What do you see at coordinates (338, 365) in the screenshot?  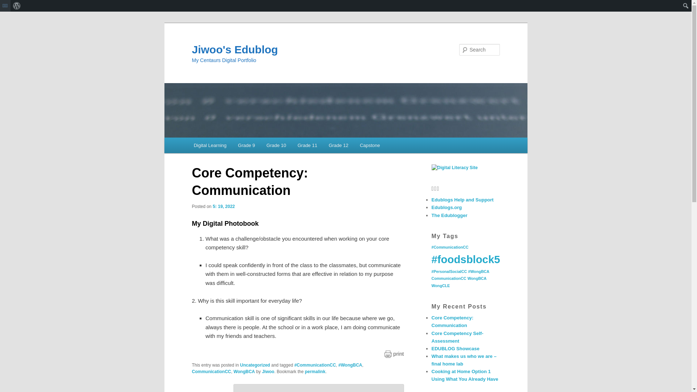 I see `'#WongBCA'` at bounding box center [338, 365].